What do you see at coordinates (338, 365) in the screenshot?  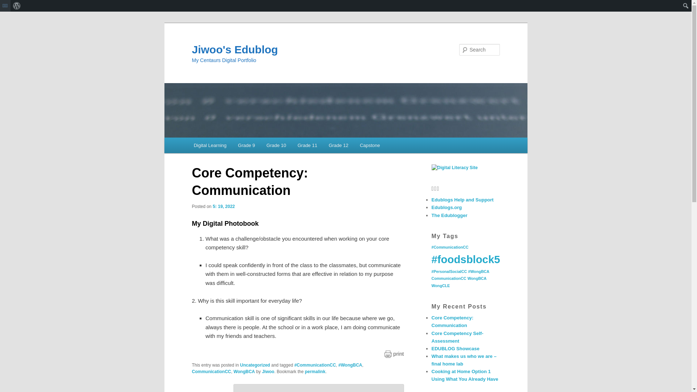 I see `'#WongBCA'` at bounding box center [338, 365].